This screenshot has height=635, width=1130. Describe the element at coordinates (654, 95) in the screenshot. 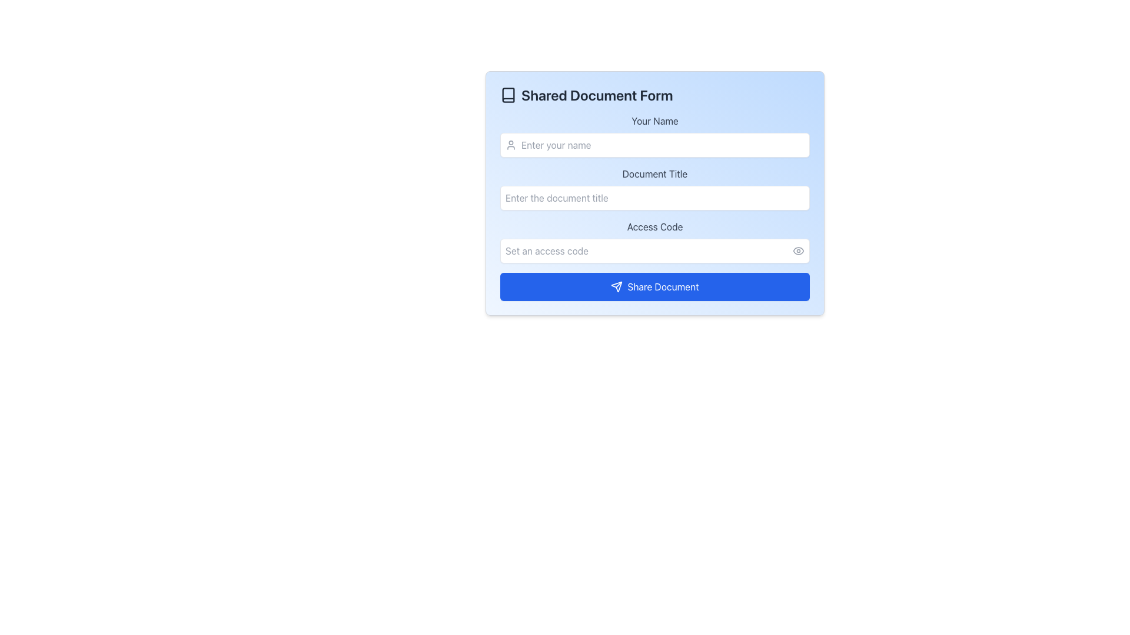

I see `the 'Shared Document Form' text heading element that is styled with a bold font and accompanied by a book icon on its left` at that location.